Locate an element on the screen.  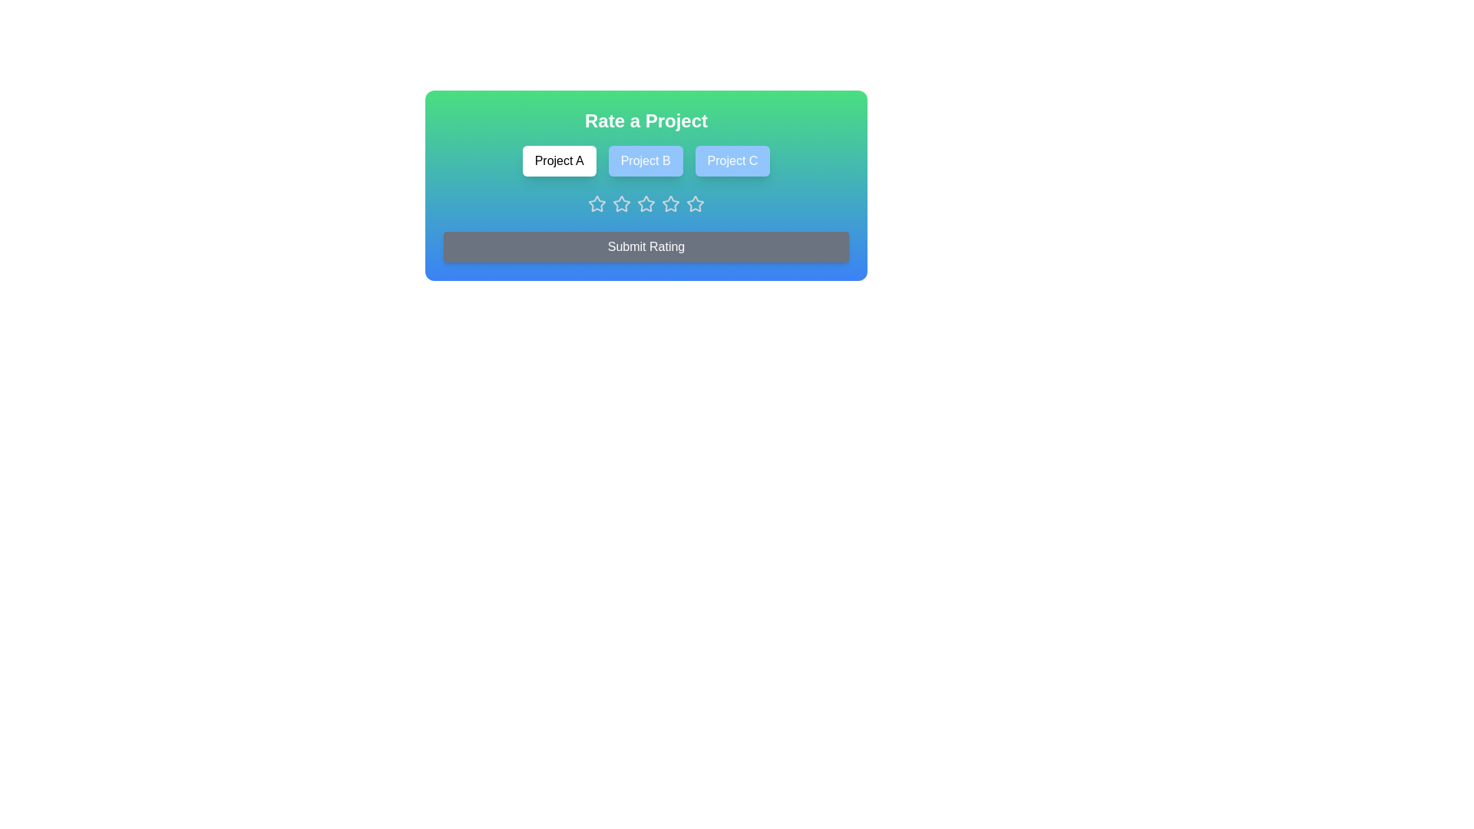
the star corresponding to 4 to set the project rating is located at coordinates (670, 203).